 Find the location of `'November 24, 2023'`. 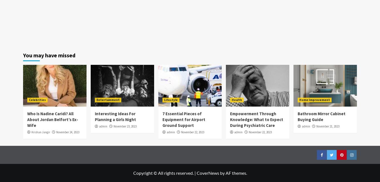

'November 24, 2023' is located at coordinates (68, 132).